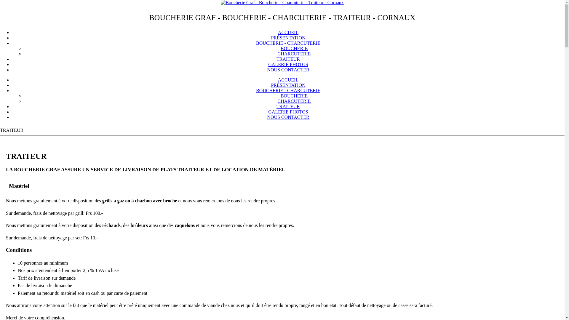 The image size is (569, 320). I want to click on 'GALERIE PHOTOS', so click(288, 64).